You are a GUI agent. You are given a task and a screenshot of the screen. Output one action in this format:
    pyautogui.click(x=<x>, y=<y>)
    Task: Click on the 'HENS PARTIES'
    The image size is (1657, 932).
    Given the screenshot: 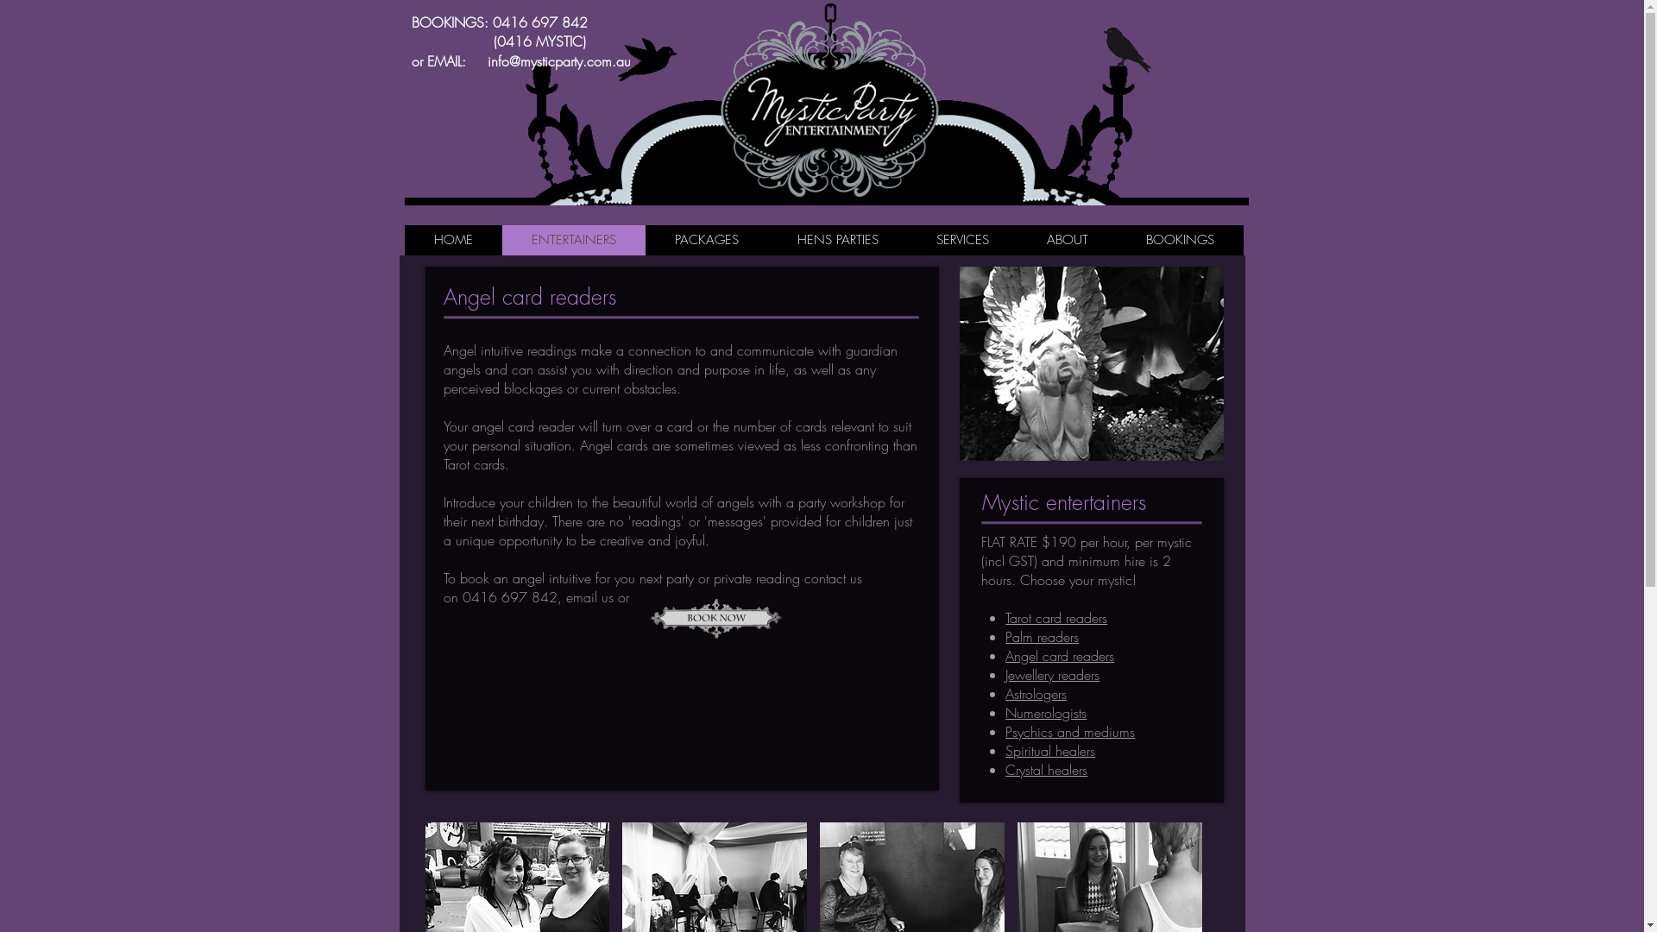 What is the action you would take?
    pyautogui.click(x=837, y=240)
    